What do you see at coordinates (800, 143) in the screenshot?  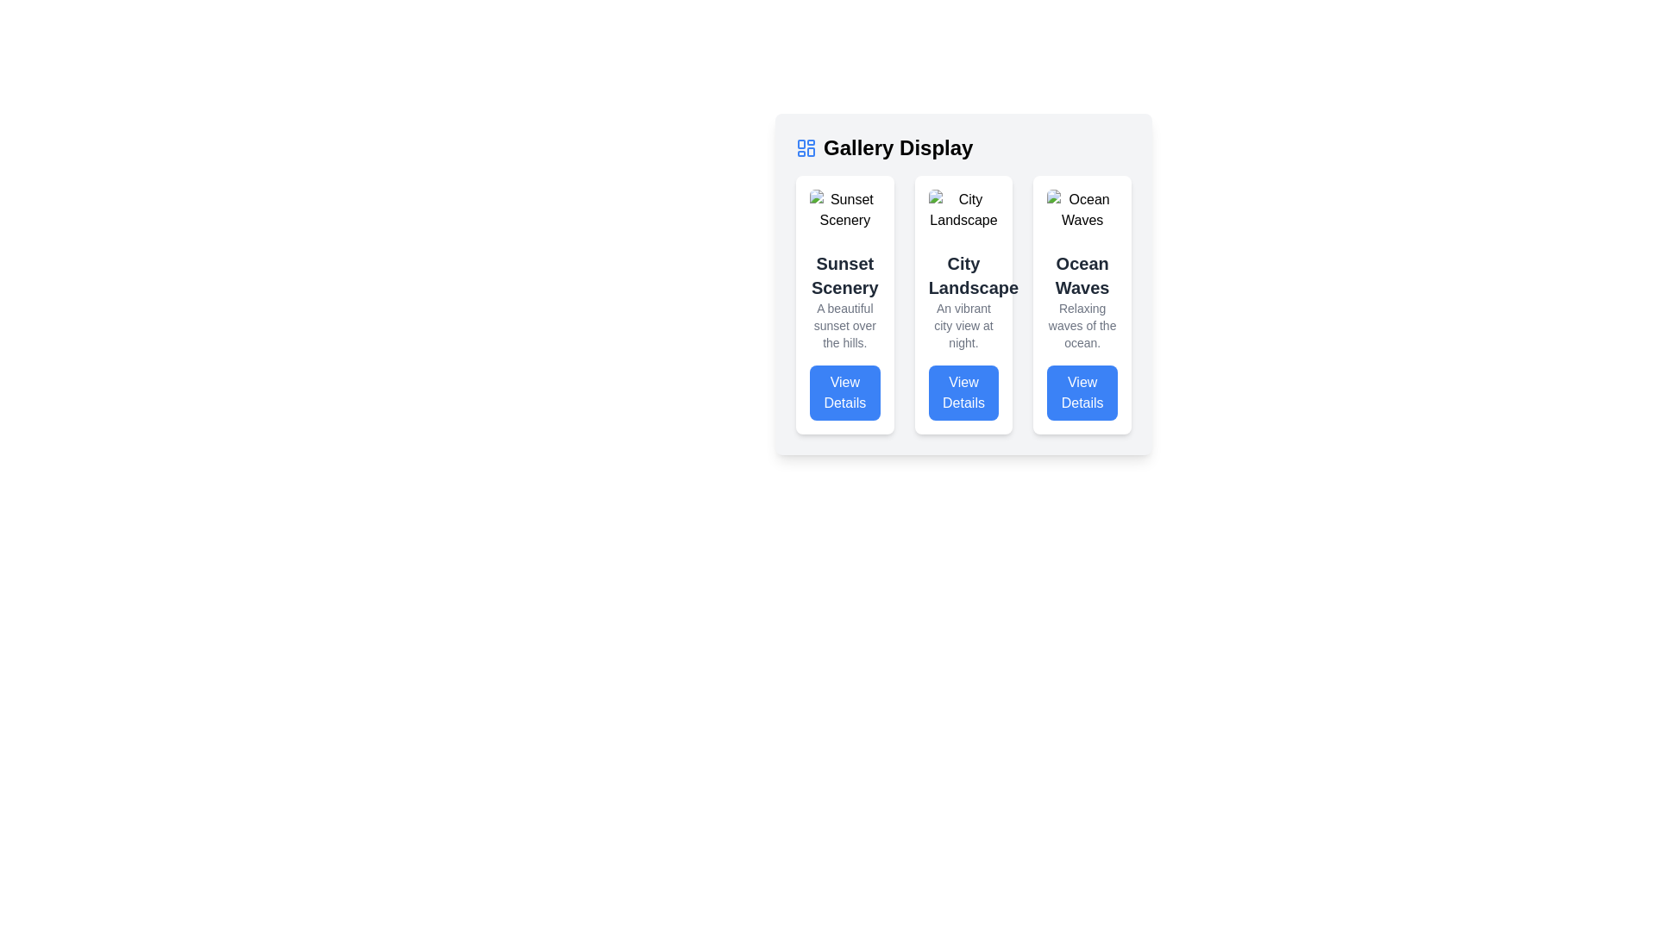 I see `the Graphical Icon Section` at bounding box center [800, 143].